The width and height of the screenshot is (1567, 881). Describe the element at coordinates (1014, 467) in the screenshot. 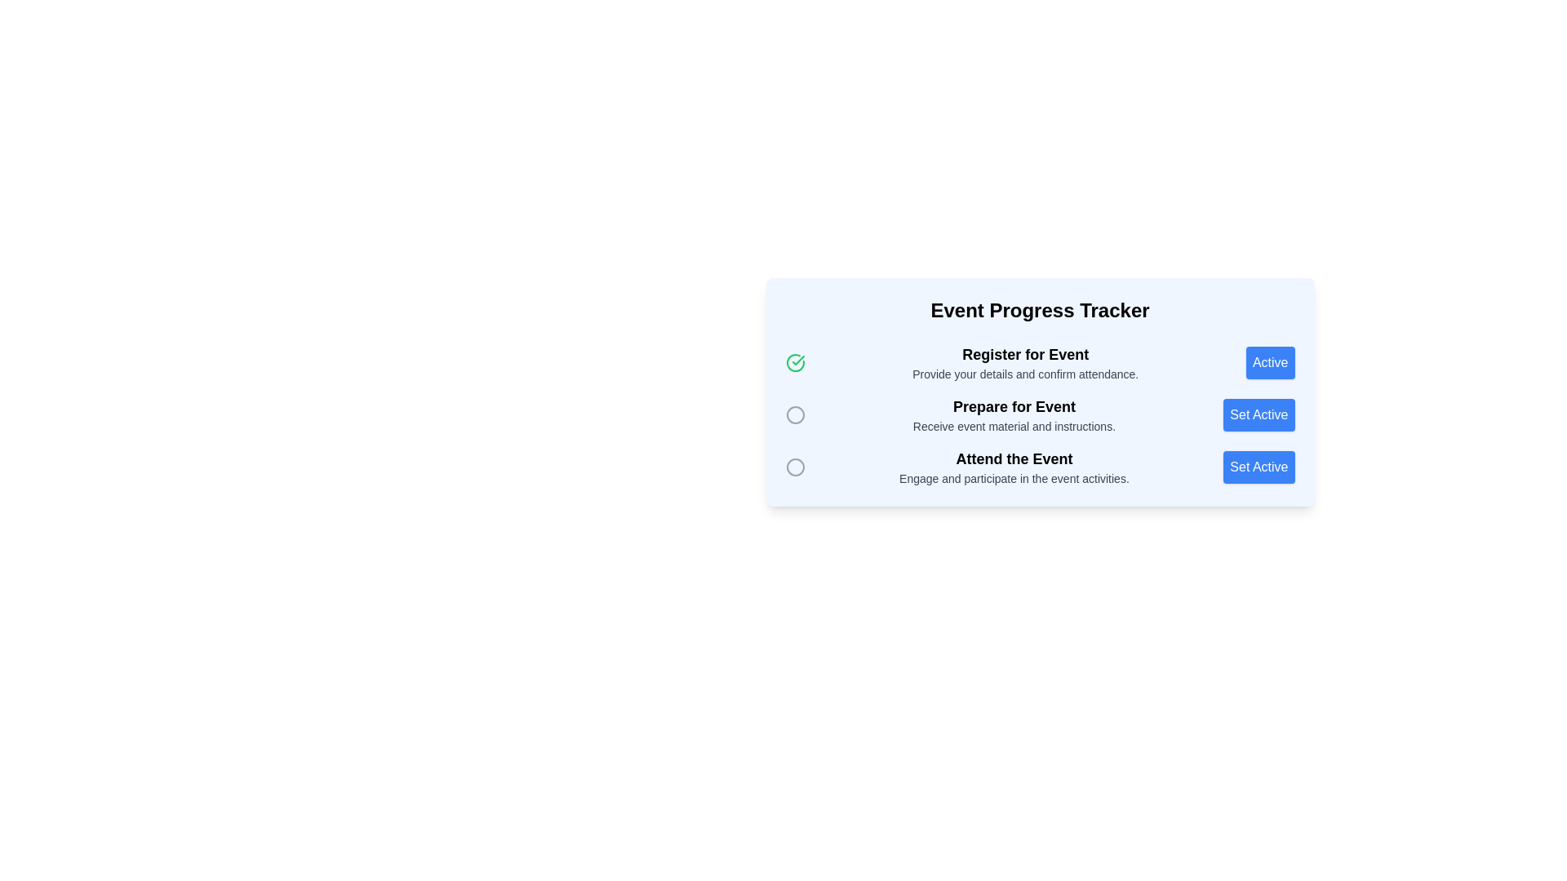

I see `the third Text Label in the event progress tracker that indicates user participation` at that location.